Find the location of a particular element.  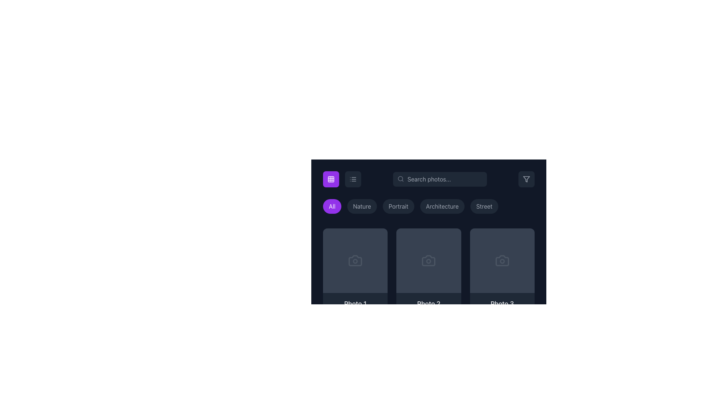

the pill-shaped button labeled 'Architecture' to change its background color is located at coordinates (429, 208).